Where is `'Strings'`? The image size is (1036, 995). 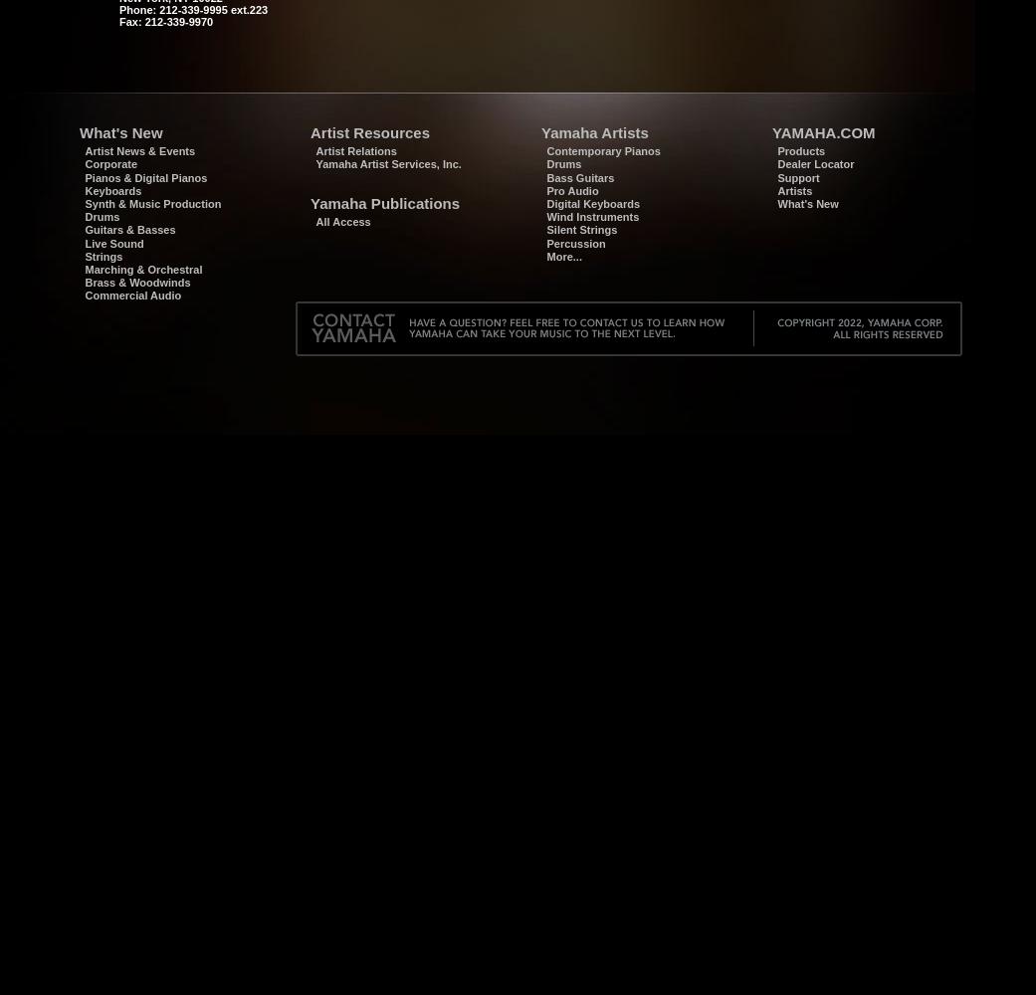
'Strings' is located at coordinates (102, 256).